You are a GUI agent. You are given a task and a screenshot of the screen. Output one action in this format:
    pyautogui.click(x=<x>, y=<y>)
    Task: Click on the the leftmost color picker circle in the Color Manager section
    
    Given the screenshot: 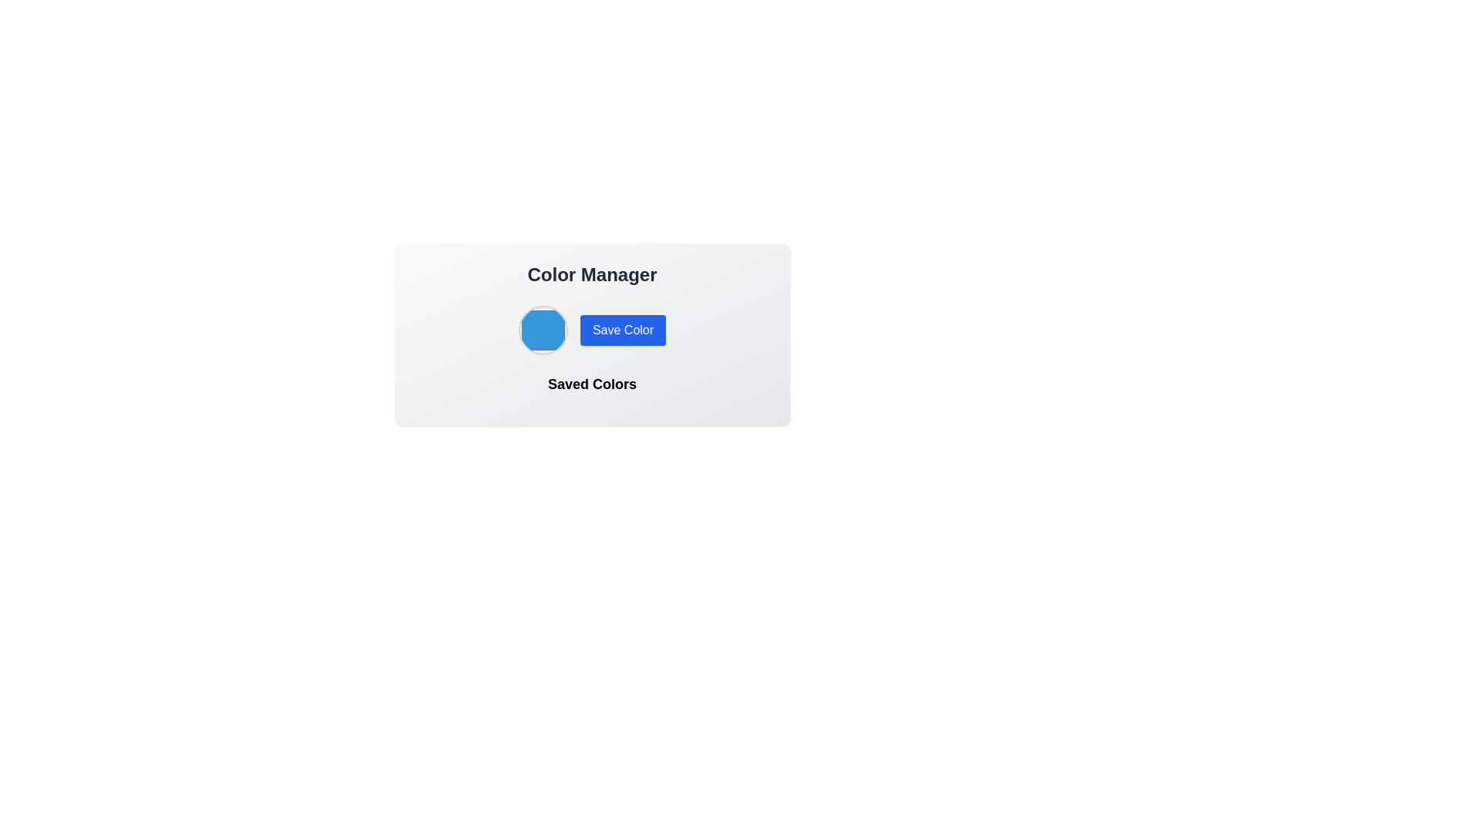 What is the action you would take?
    pyautogui.click(x=543, y=329)
    